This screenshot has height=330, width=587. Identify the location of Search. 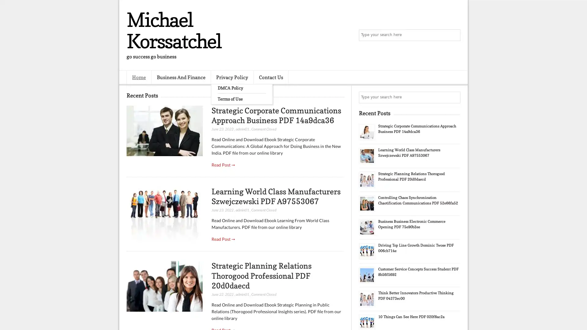
(454, 97).